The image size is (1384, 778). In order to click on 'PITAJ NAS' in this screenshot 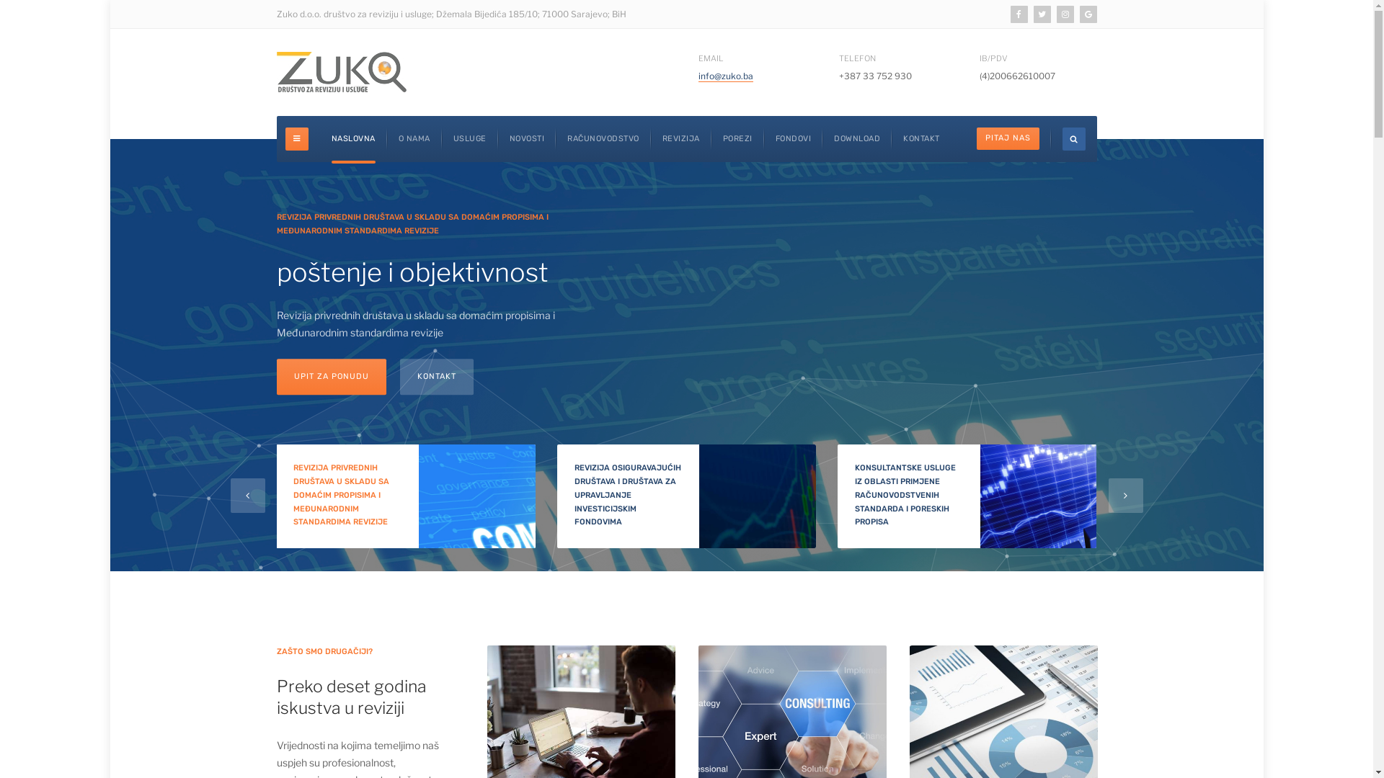, I will do `click(1006, 138)`.